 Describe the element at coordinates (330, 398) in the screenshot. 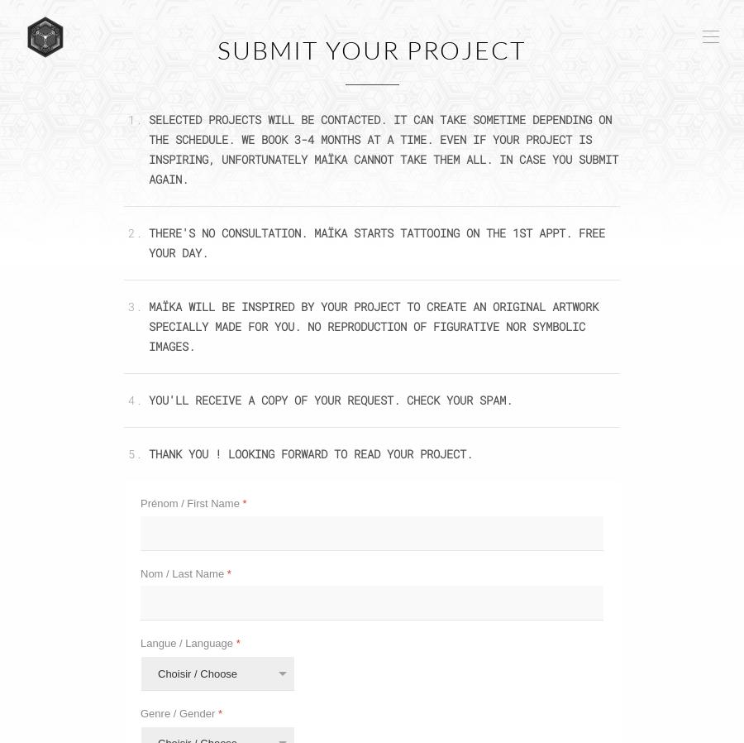

I see `'YOU'LL RECEIVE A COPY OF YOUR REQUEST. CHECK YOUR SPAM.'` at that location.